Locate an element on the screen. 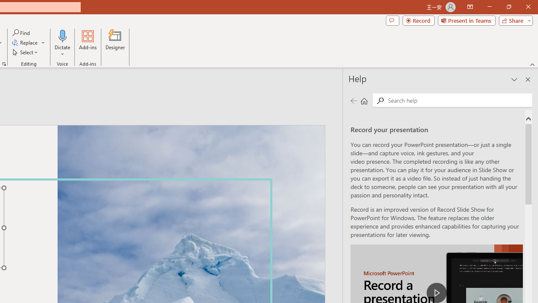  'Dictate' is located at coordinates (62, 35).